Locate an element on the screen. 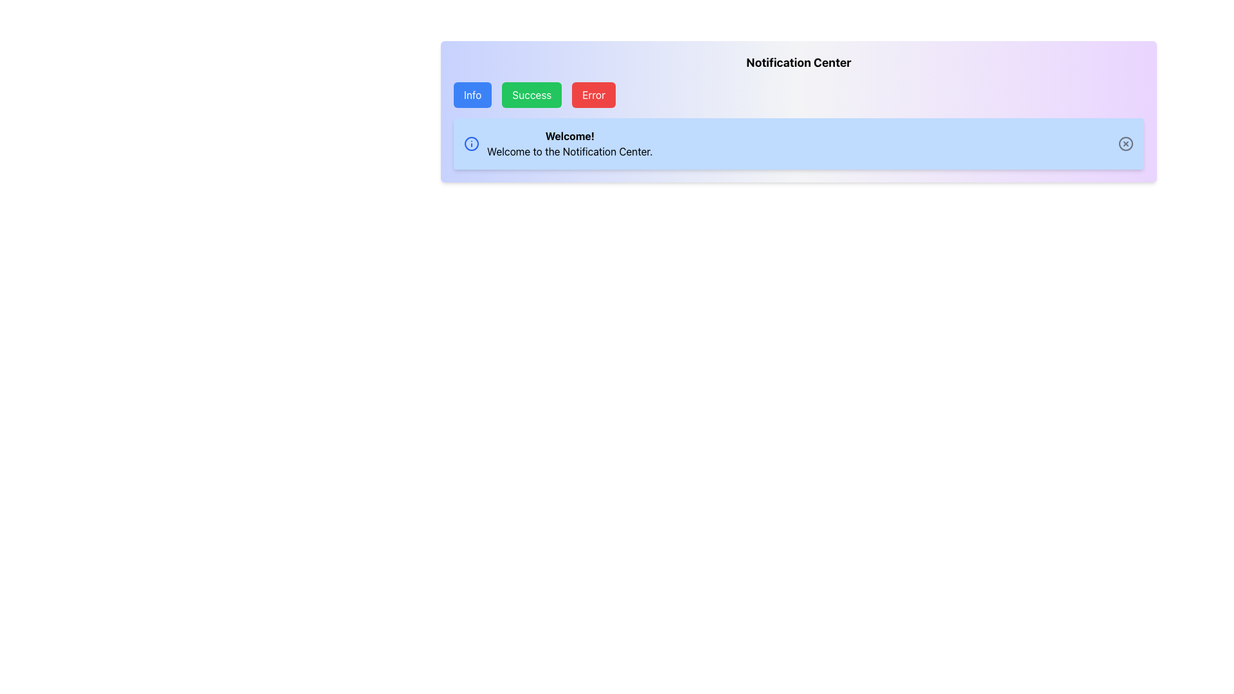 The image size is (1234, 694). the circular close button with an 'X' symbol located at the far right of the blue notification bar is located at coordinates (1125, 143).